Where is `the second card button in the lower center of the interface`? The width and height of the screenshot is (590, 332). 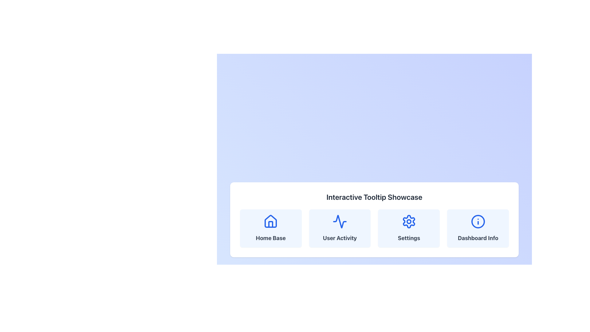 the second card button in the lower center of the interface is located at coordinates (340, 228).